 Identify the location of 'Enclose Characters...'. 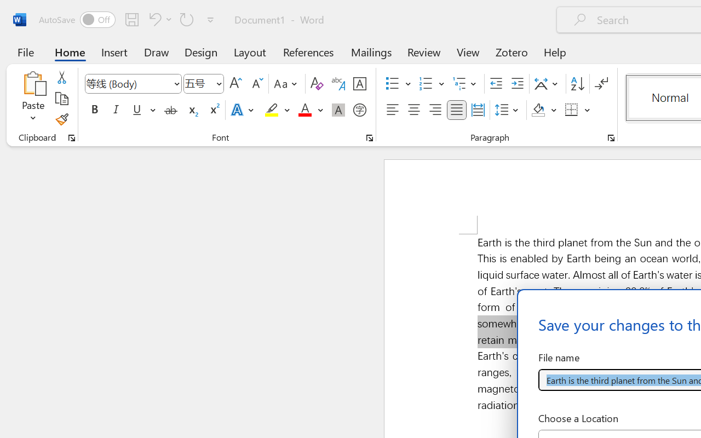
(359, 110).